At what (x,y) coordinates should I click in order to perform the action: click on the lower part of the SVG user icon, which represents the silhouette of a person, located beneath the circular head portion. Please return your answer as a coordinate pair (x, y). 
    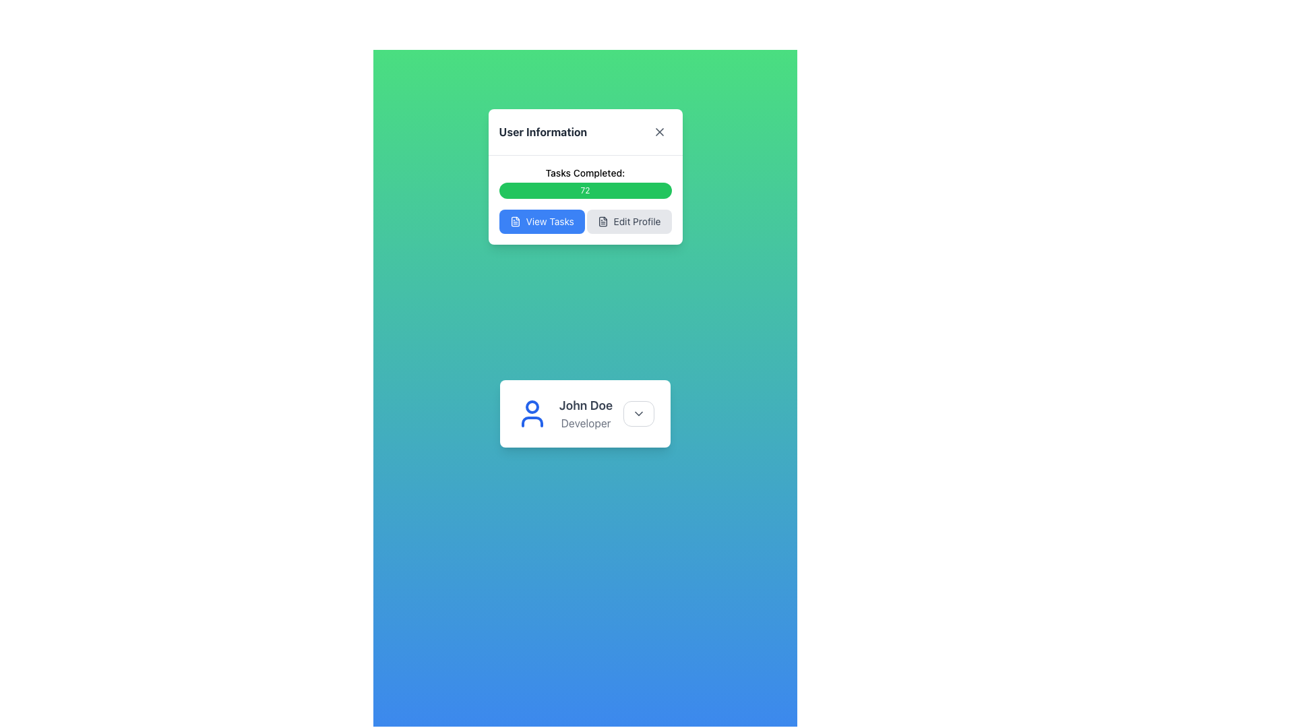
    Looking at the image, I should click on (531, 421).